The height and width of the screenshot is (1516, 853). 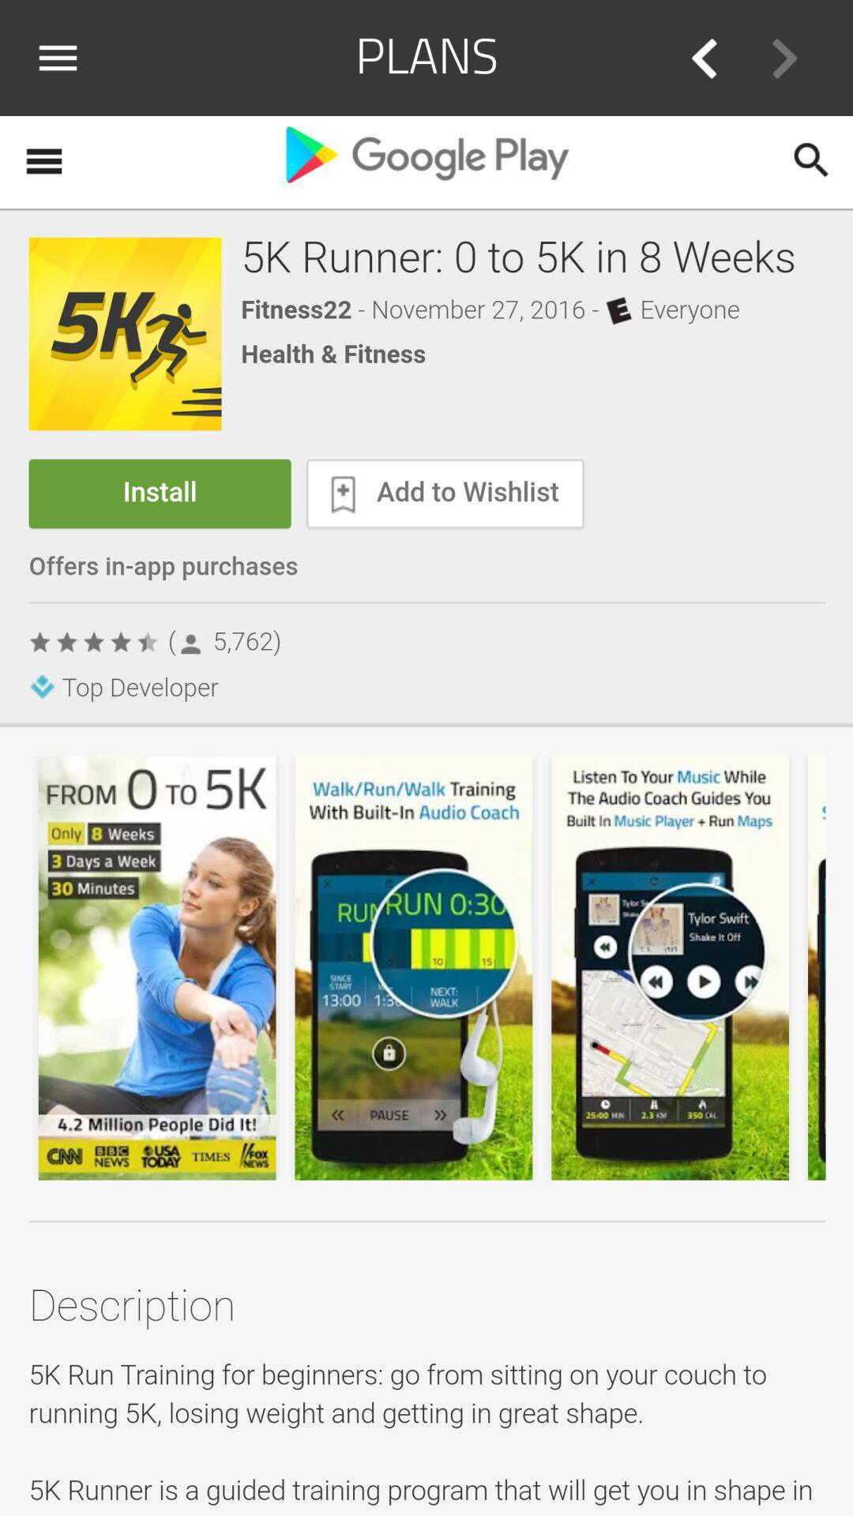 What do you see at coordinates (63, 58) in the screenshot?
I see `setting the option` at bounding box center [63, 58].